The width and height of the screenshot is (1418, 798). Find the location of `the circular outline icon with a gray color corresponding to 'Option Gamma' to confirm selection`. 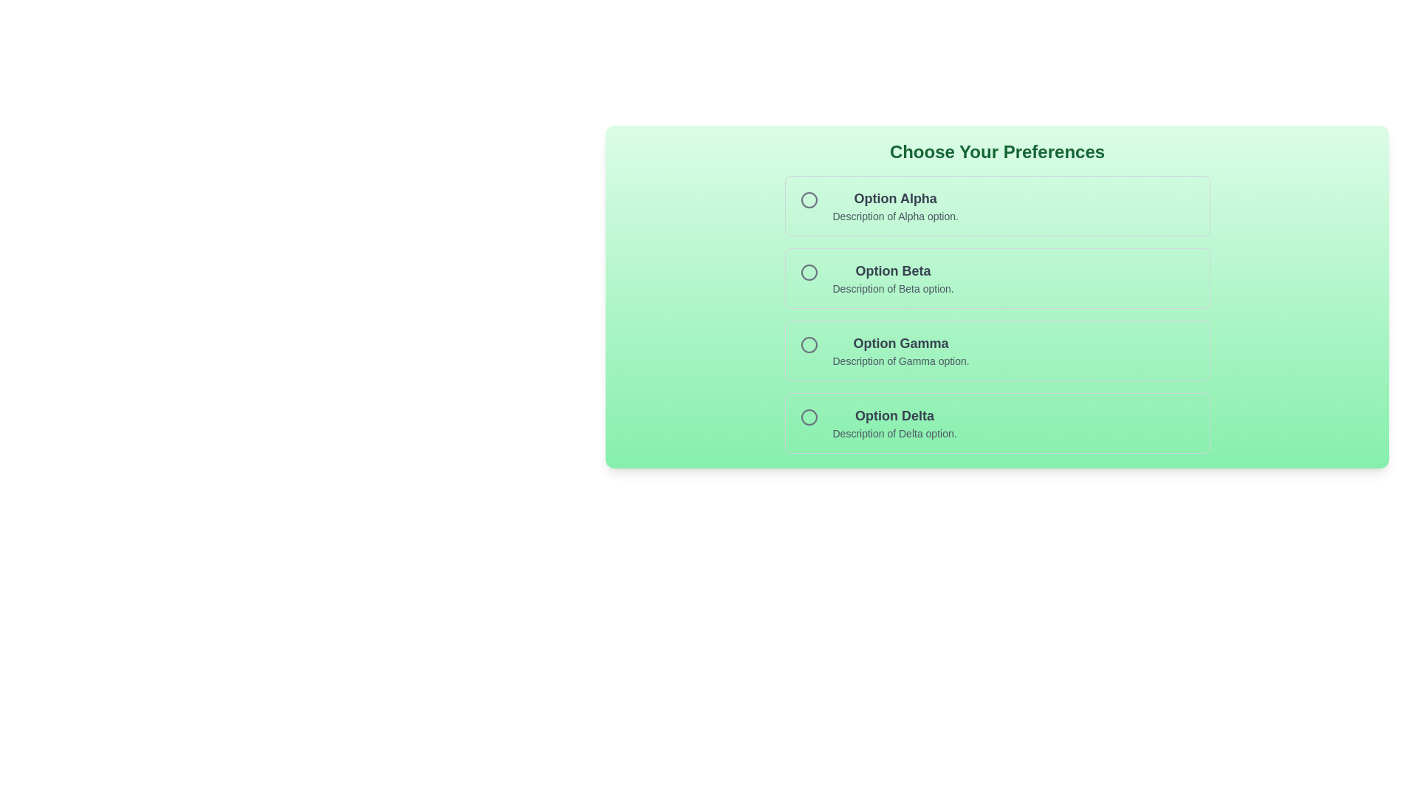

the circular outline icon with a gray color corresponding to 'Option Gamma' to confirm selection is located at coordinates (808, 344).